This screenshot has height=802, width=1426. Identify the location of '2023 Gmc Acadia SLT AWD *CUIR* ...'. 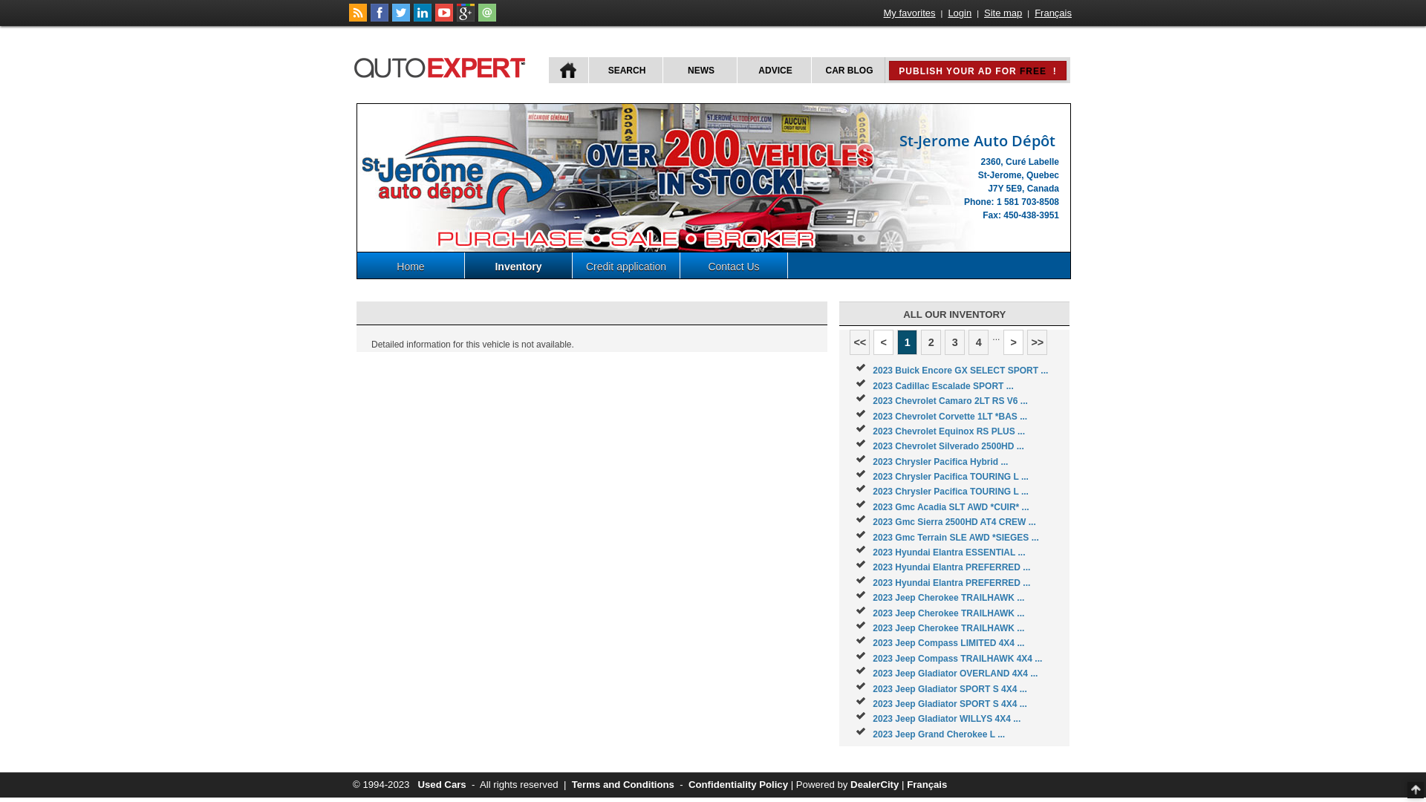
(951, 506).